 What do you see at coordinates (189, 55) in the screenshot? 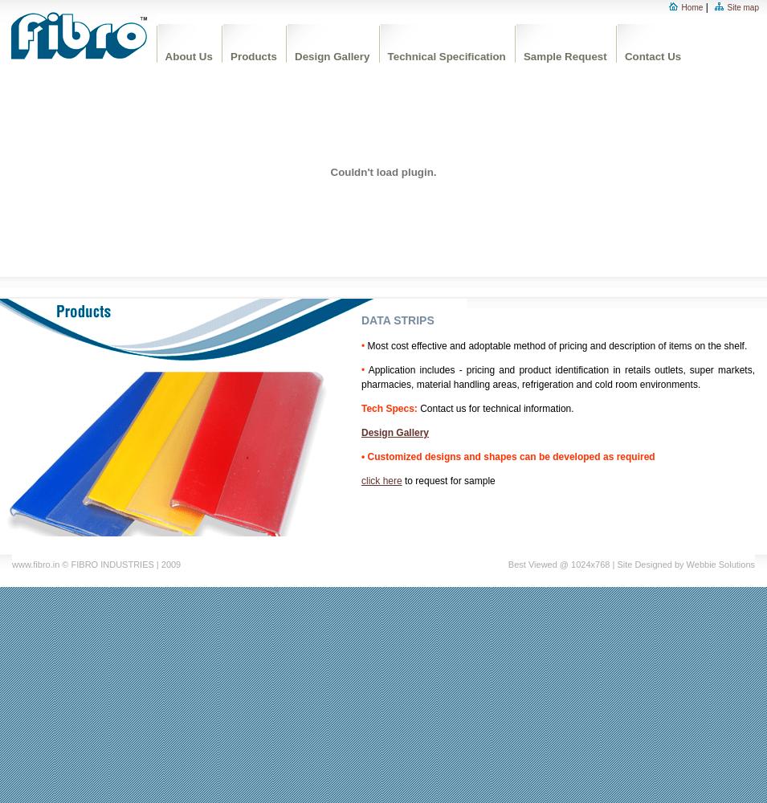
I see `'About Us'` at bounding box center [189, 55].